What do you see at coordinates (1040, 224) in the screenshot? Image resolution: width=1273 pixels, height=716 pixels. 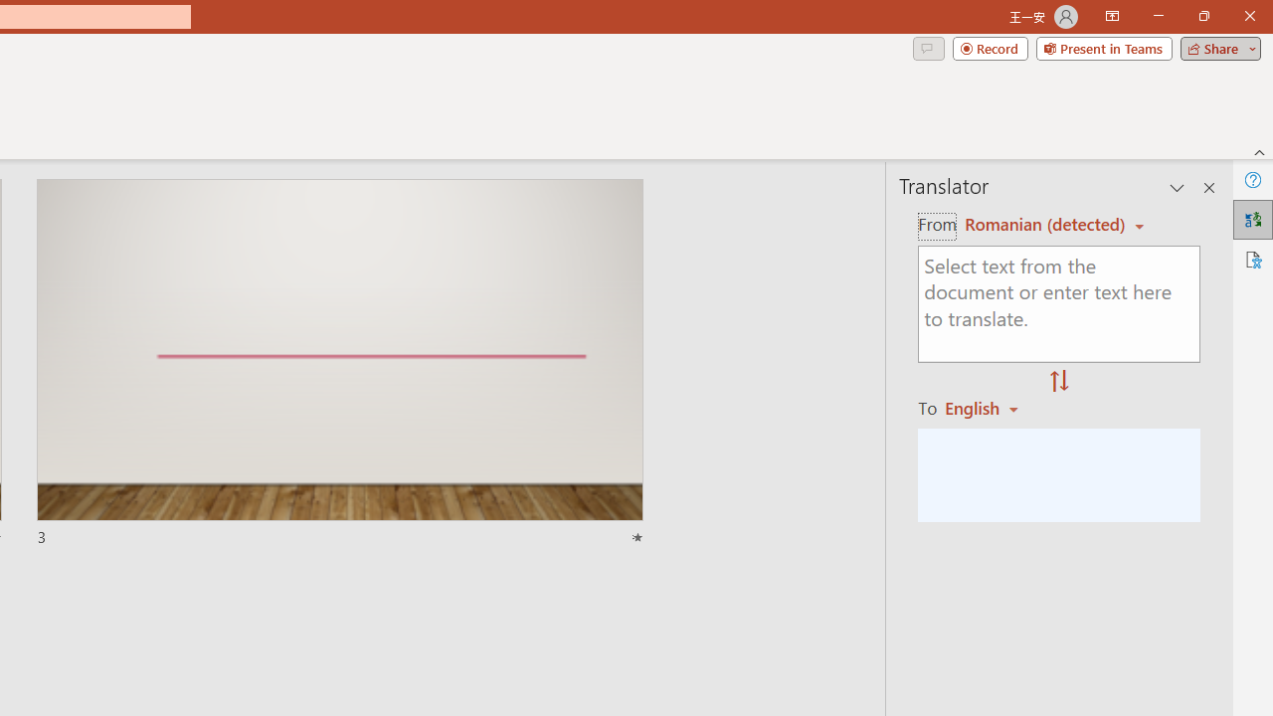 I see `'Czech (detected)'` at bounding box center [1040, 224].